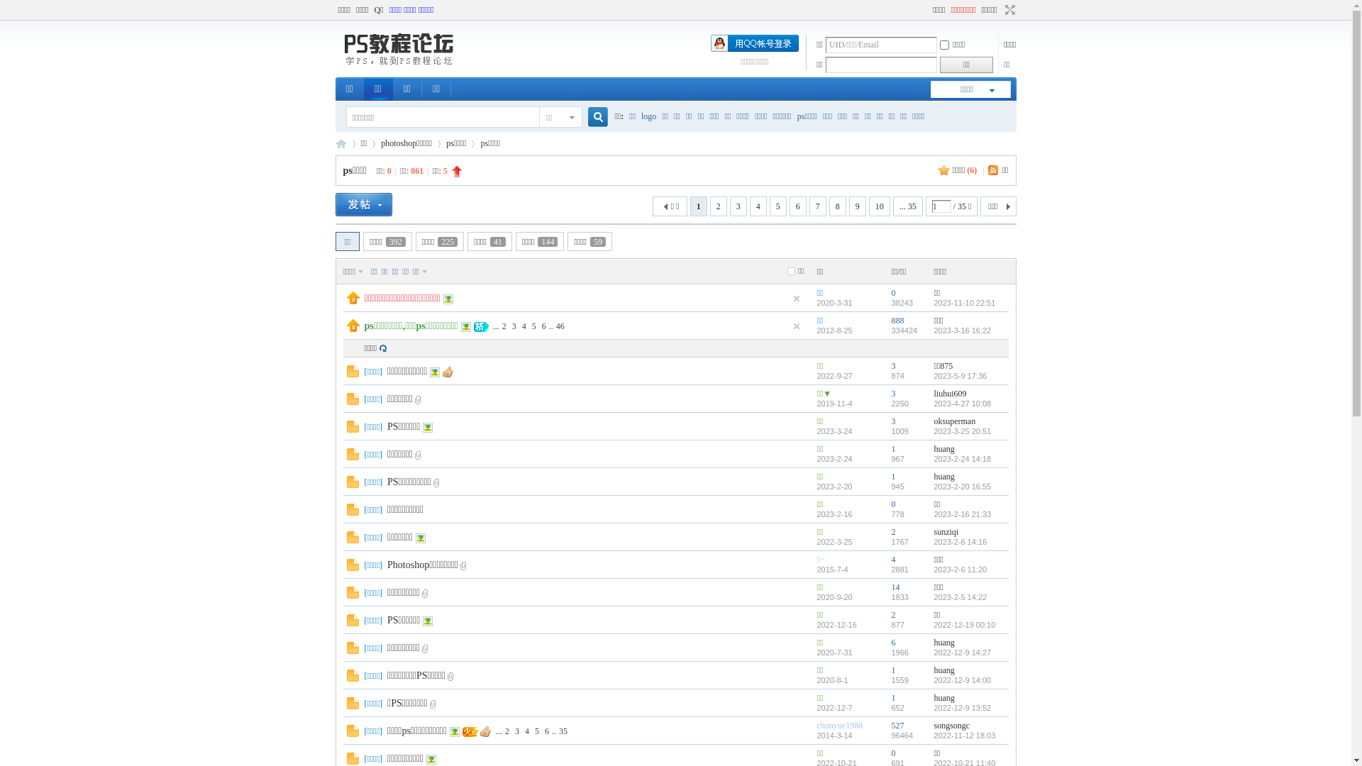  Describe the element at coordinates (524, 326) in the screenshot. I see `'4'` at that location.